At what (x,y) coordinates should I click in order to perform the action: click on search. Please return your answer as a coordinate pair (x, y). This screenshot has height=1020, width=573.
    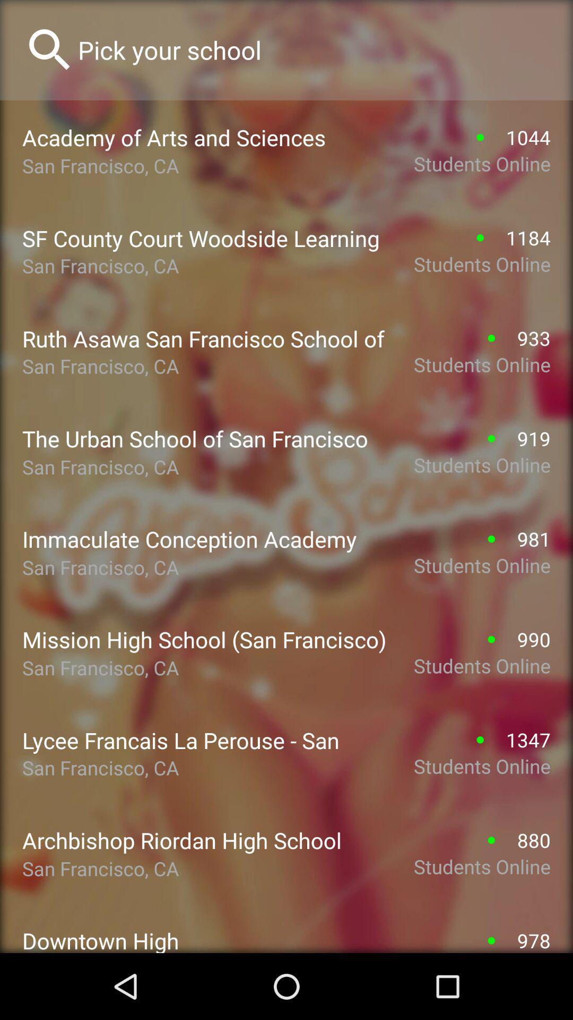
    Looking at the image, I should click on (314, 49).